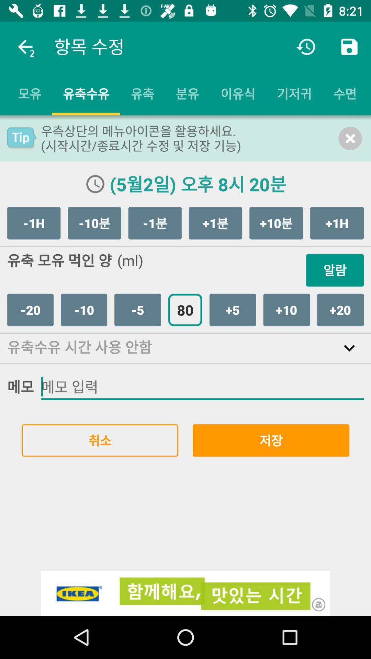 The image size is (371, 659). I want to click on the item next to -1h icon, so click(94, 223).